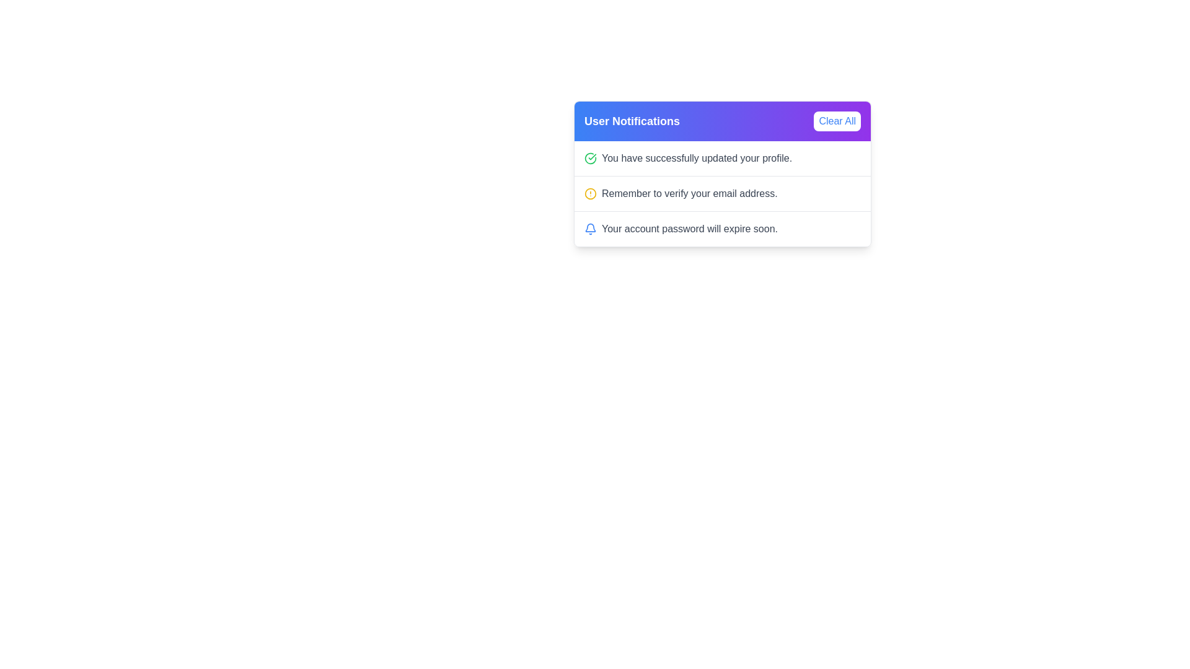  What do you see at coordinates (632, 121) in the screenshot?
I see `the 'User Notifications' text label, which is styled in bold and large white font within a gradient-colored header bar transitioning from blue to purple, positioned to the left of the 'Clear All' button` at bounding box center [632, 121].